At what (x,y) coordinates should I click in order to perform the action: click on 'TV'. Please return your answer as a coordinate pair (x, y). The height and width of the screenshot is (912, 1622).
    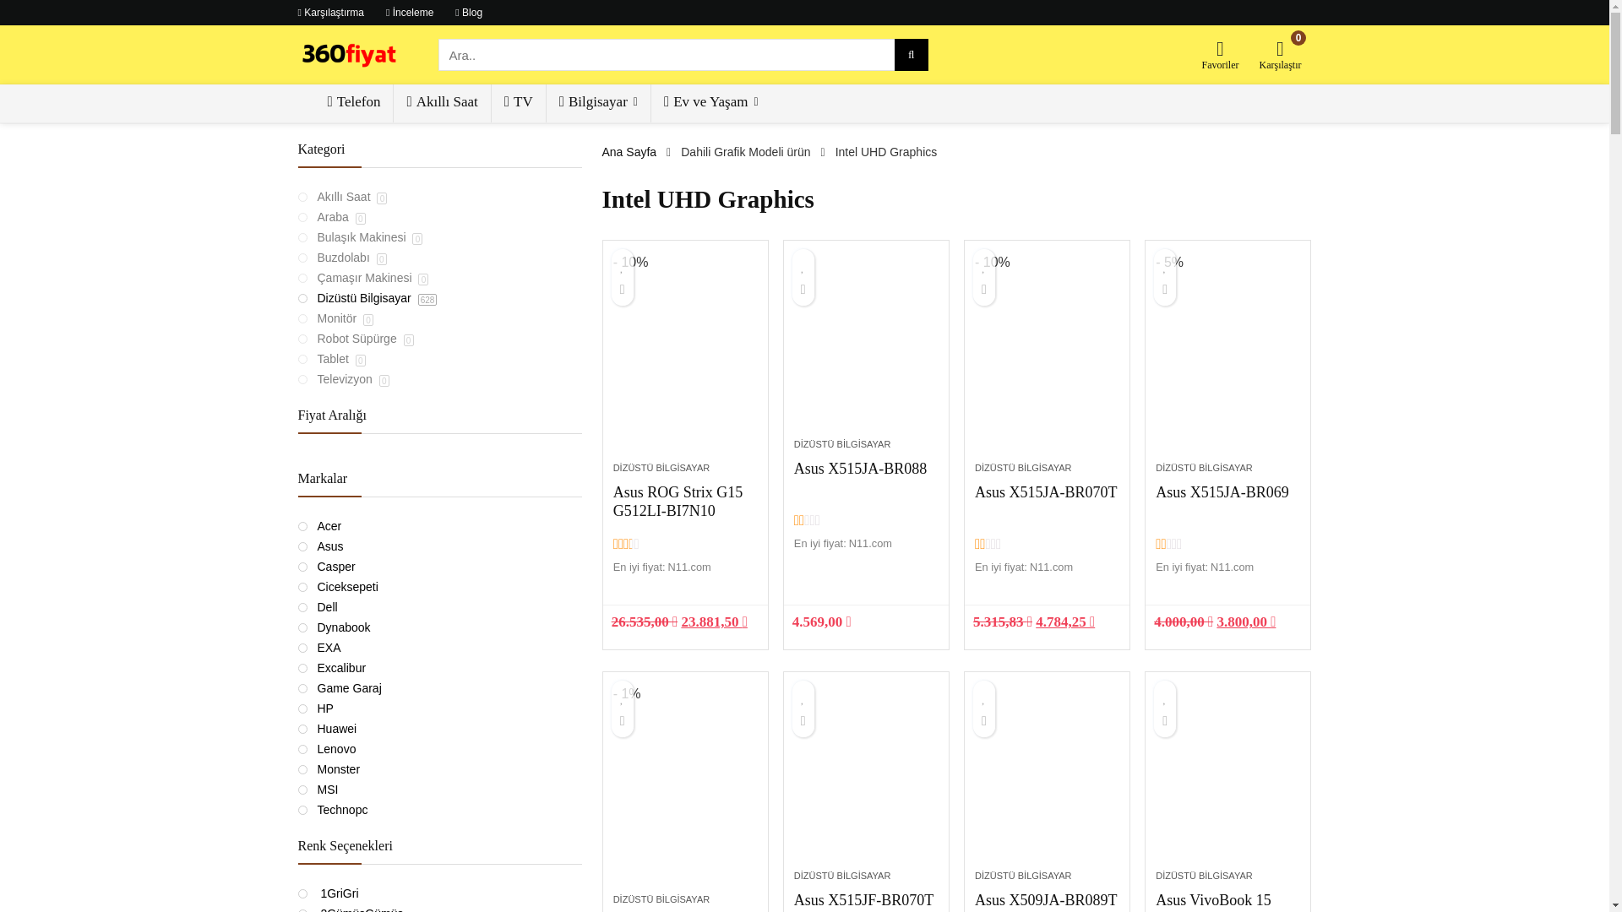
    Looking at the image, I should click on (518, 103).